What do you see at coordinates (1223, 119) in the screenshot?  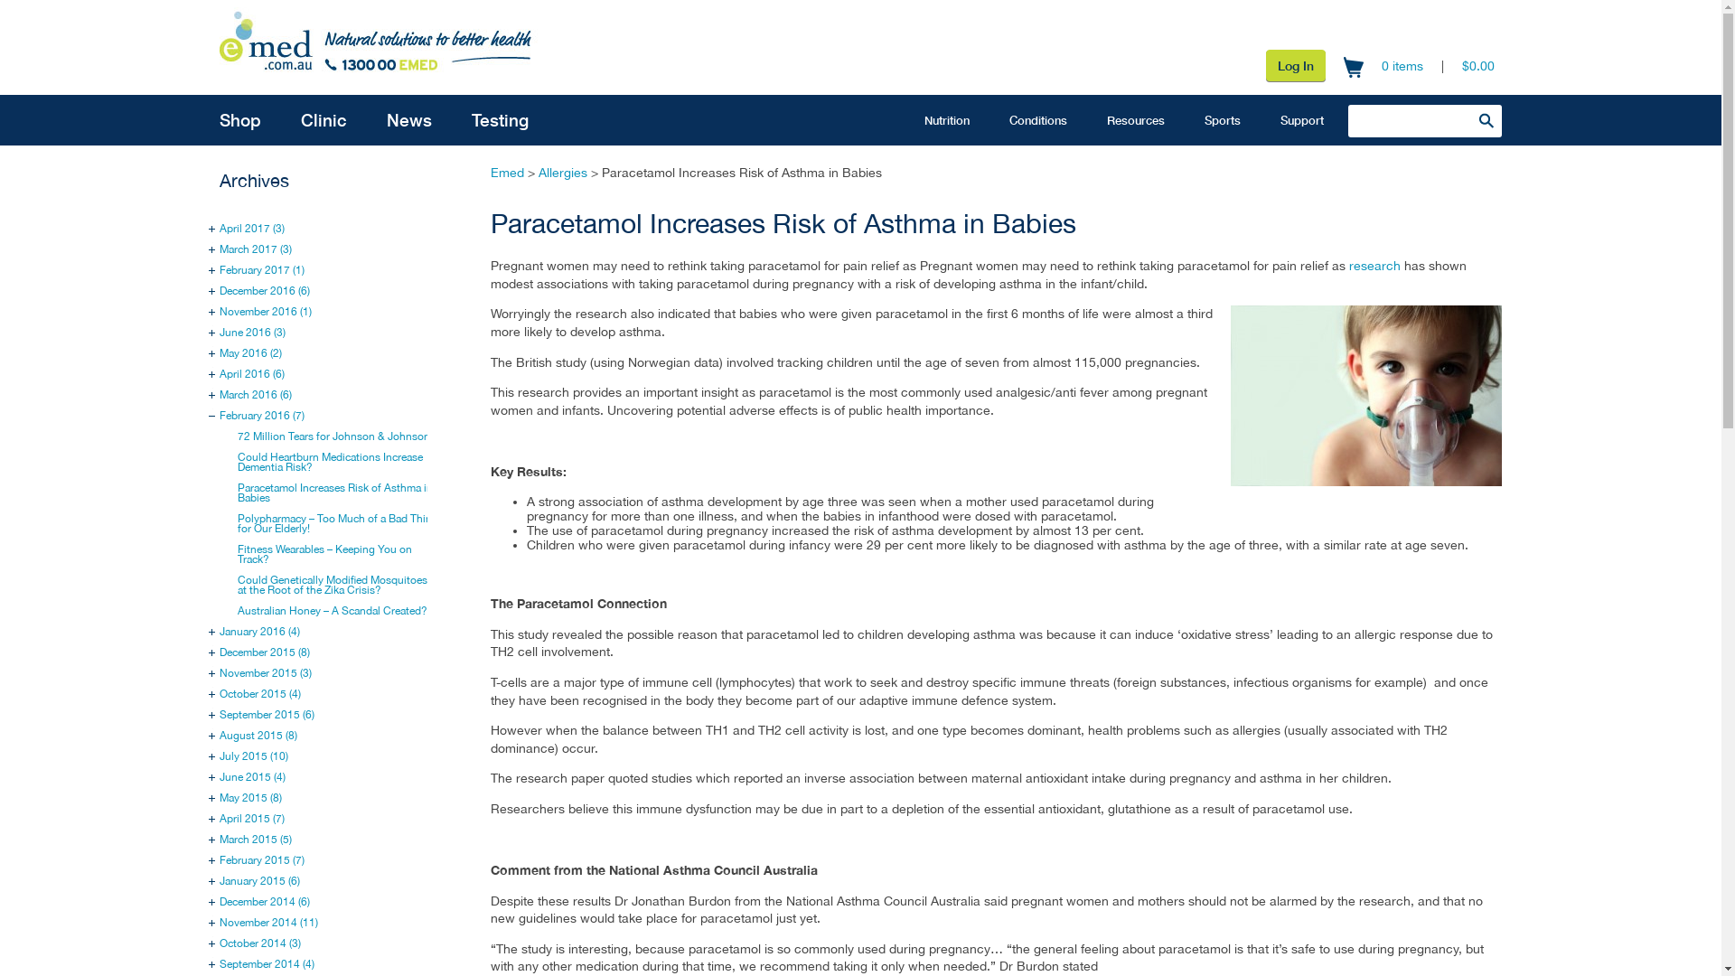 I see `'Sports'` at bounding box center [1223, 119].